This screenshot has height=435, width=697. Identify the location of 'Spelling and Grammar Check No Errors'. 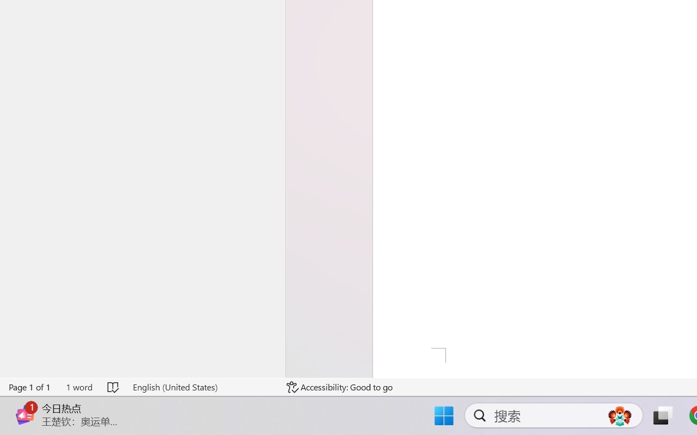
(114, 387).